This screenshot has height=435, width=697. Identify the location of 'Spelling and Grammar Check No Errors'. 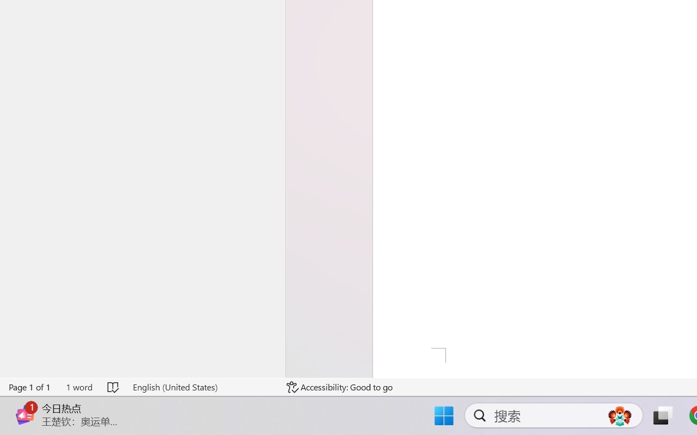
(114, 387).